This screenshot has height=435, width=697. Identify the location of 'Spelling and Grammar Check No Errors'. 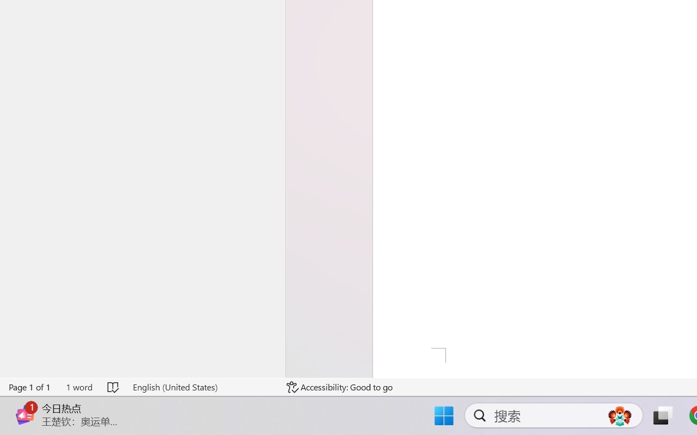
(114, 387).